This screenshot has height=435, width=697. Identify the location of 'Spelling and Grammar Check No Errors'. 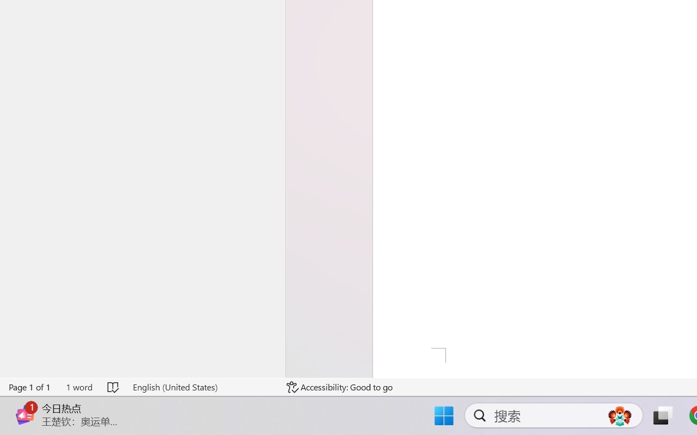
(114, 387).